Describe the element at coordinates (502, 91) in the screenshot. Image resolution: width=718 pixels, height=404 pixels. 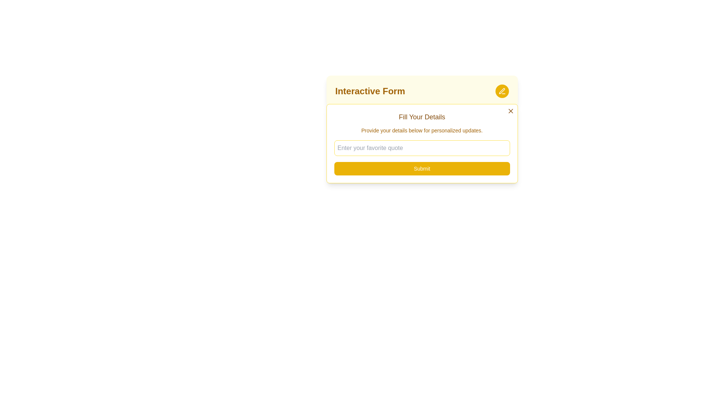
I see `the pen icon located at the upper right corner of the 'Interactive Form' header, which is part of a yellow circular button that triggers an edit action` at that location.